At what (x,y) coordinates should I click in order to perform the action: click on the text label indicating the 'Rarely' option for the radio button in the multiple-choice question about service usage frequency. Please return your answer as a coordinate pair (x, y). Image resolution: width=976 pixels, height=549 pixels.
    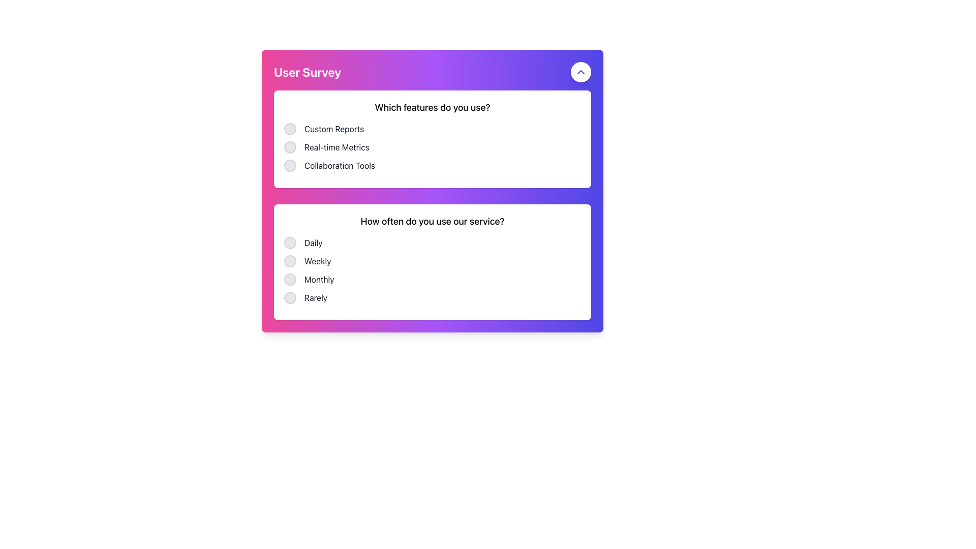
    Looking at the image, I should click on (315, 297).